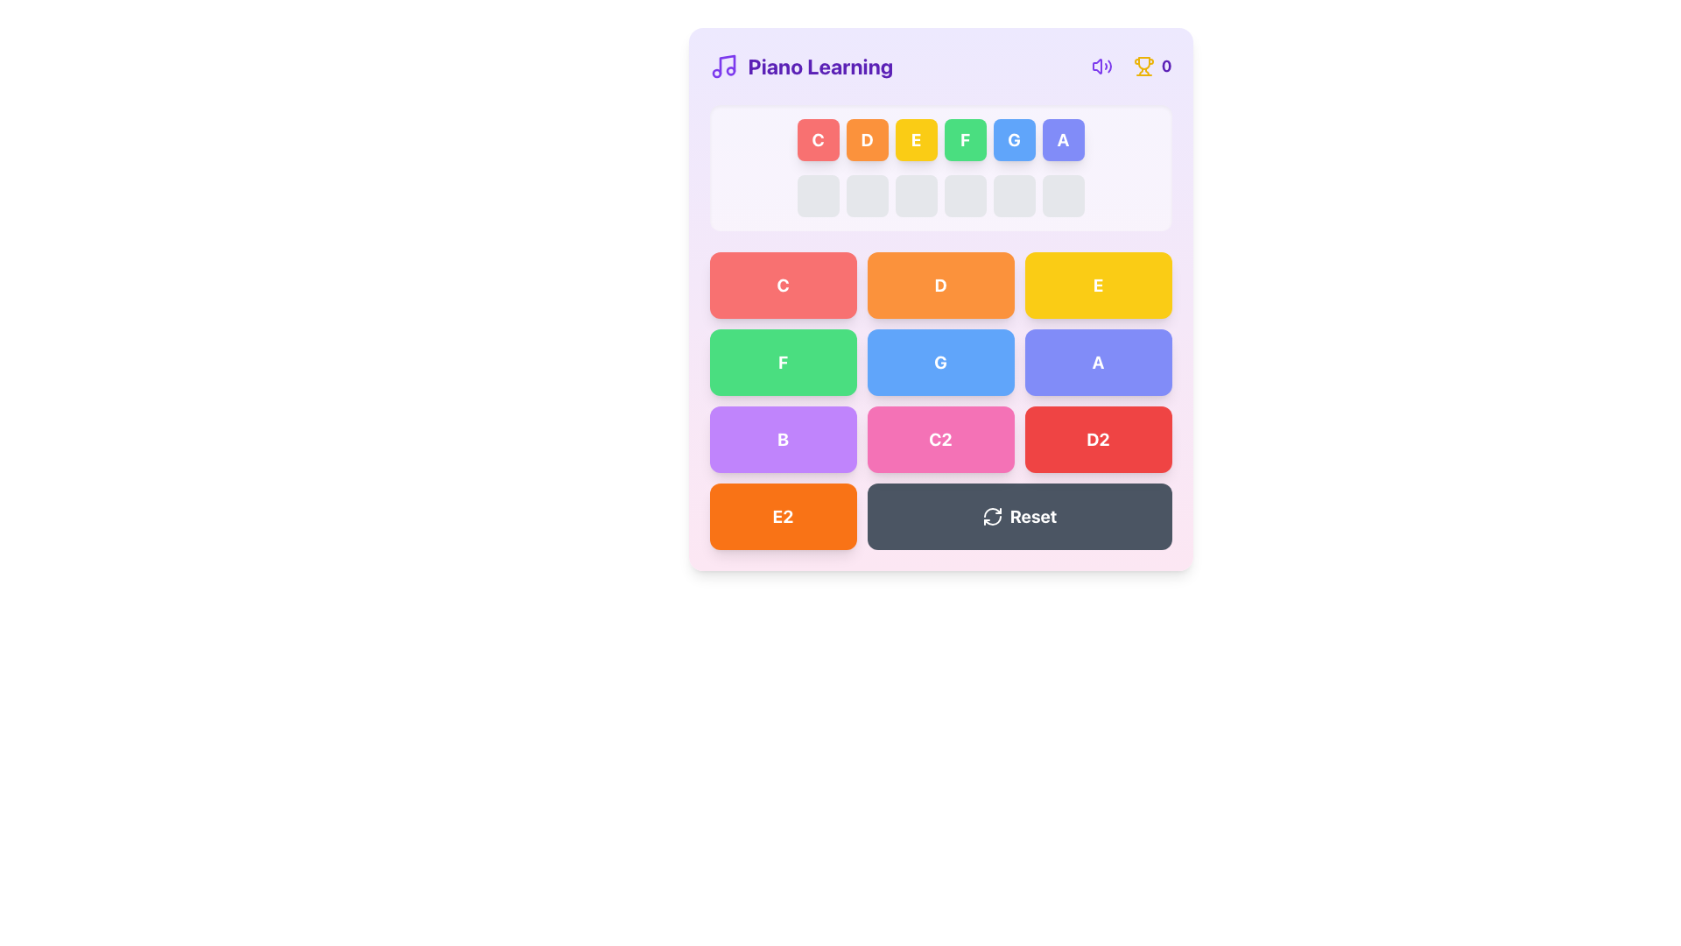 Image resolution: width=1681 pixels, height=946 pixels. What do you see at coordinates (782, 438) in the screenshot?
I see `the interactive button labeled 'B', located in the third row, first column of the grid, below the green 'F' button and to the left of the pink 'C2' button` at bounding box center [782, 438].